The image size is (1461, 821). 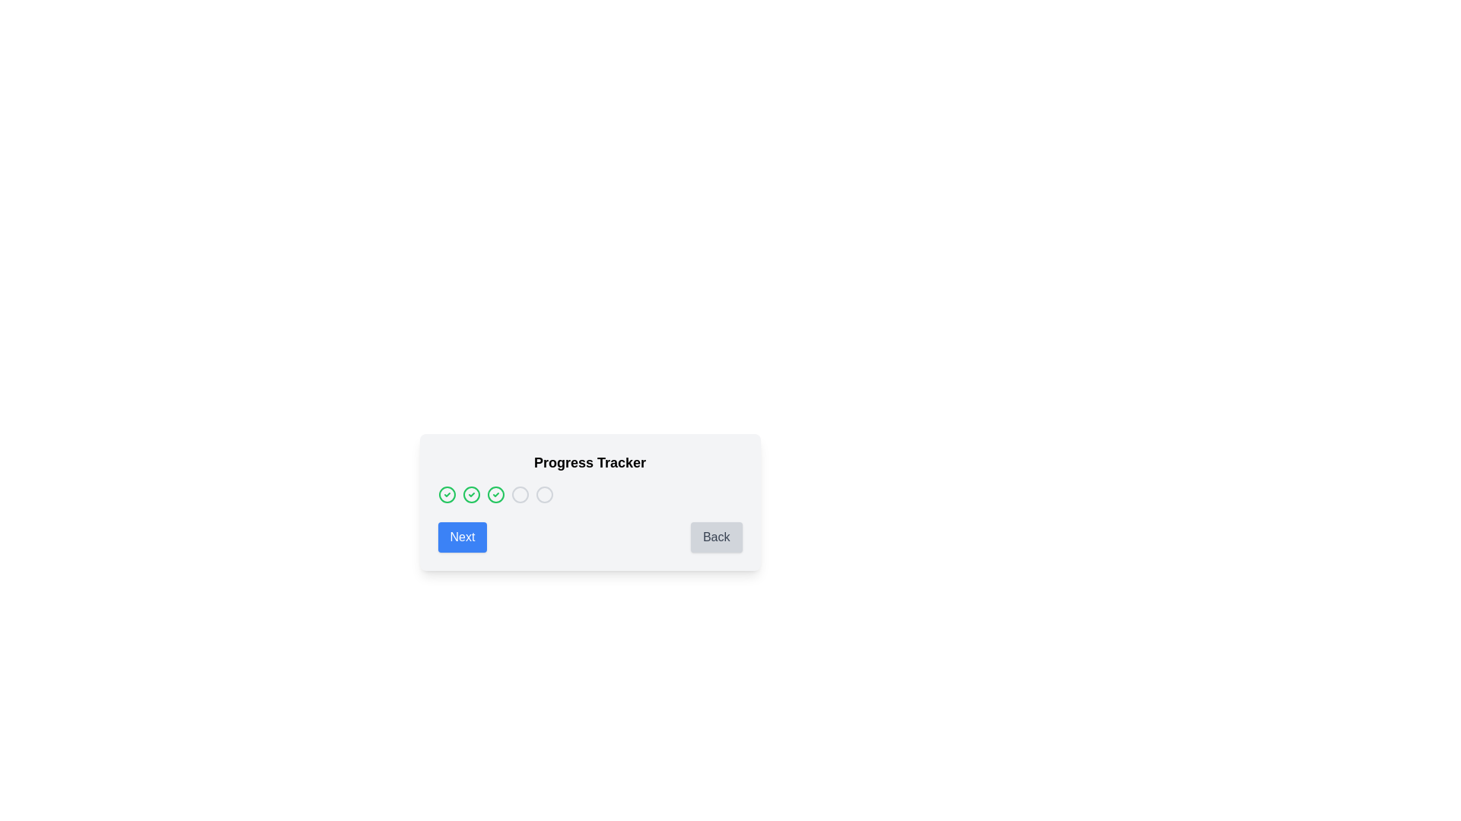 I want to click on the third circular progress indicator which serves as a checkpoint in the progress tracker, so click(x=495, y=495).